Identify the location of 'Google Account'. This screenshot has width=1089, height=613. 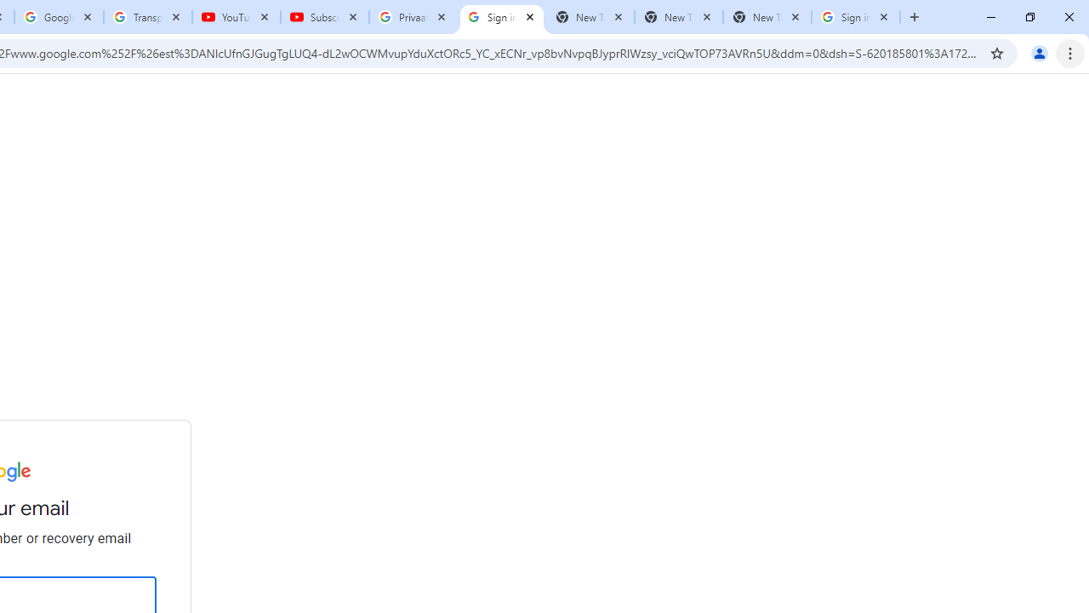
(59, 17).